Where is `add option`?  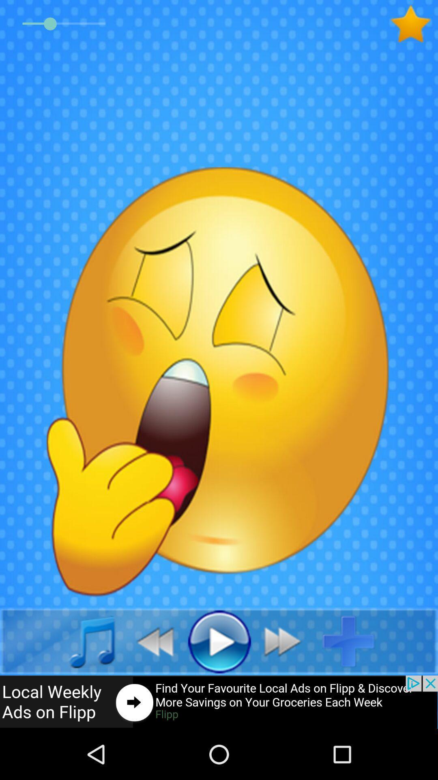
add option is located at coordinates (354, 641).